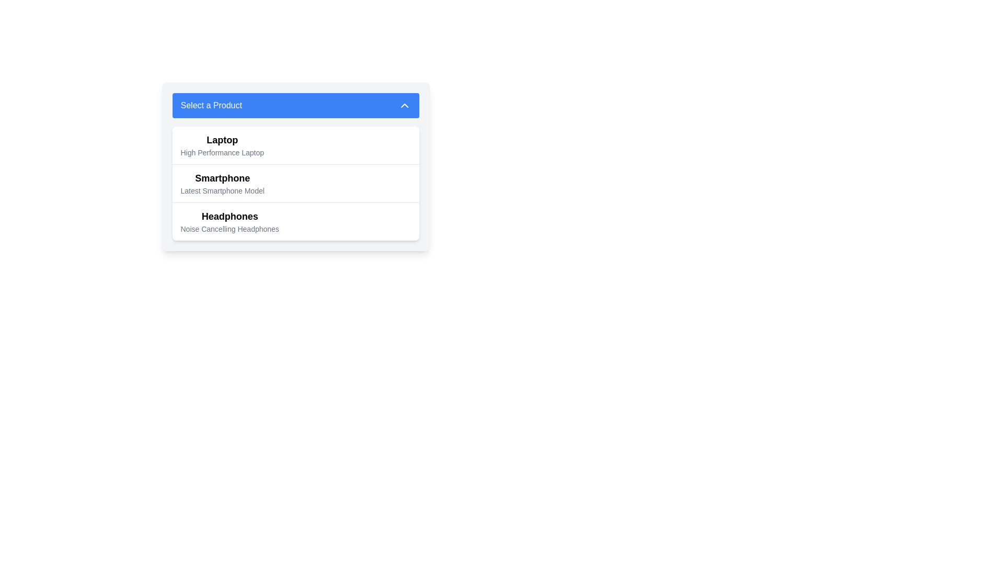  Describe the element at coordinates (222, 153) in the screenshot. I see `text of the label stating 'High Performance Laptop', which is located below the bold 'Laptop' header within a dropdown panel` at that location.